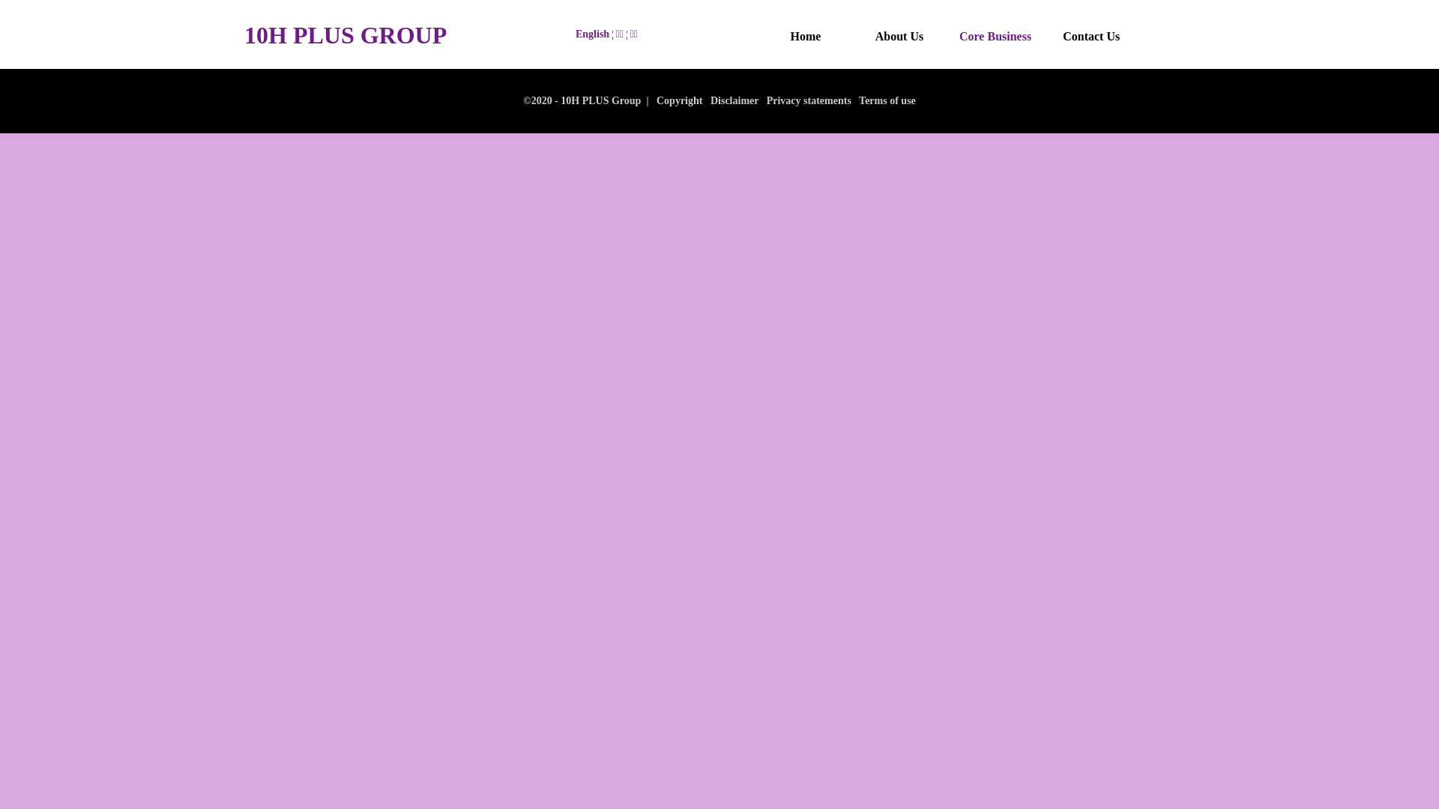 This screenshot has height=809, width=1439. Describe the element at coordinates (959, 36) in the screenshot. I see `'Core Business'` at that location.